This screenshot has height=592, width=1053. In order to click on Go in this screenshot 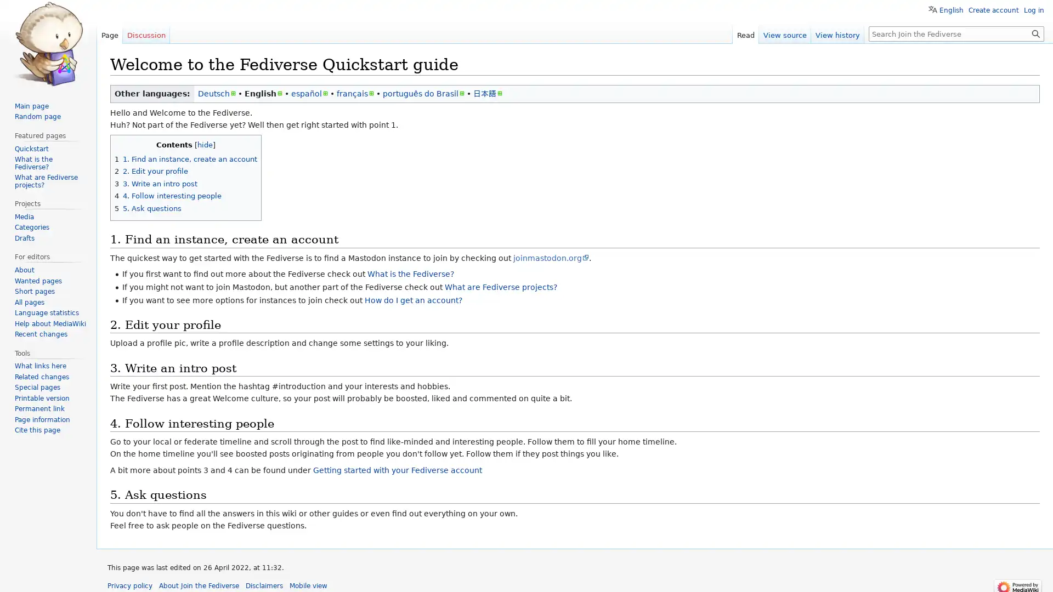, I will do `click(1035, 33)`.